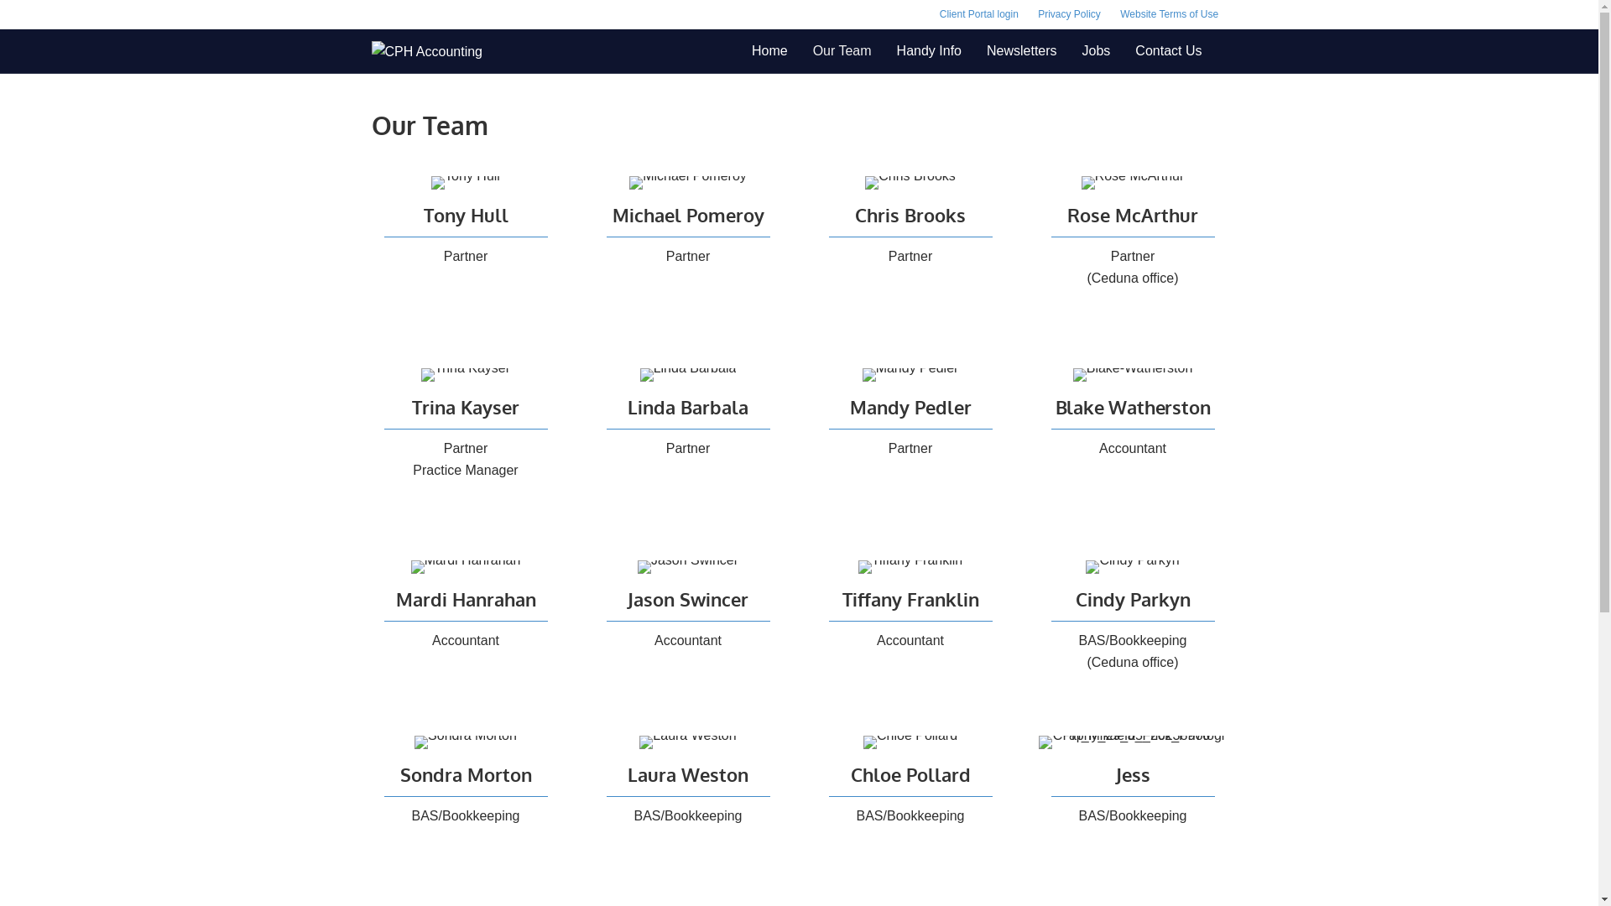 The height and width of the screenshot is (906, 1611). What do you see at coordinates (978, 13) in the screenshot?
I see `'Client Portal login'` at bounding box center [978, 13].